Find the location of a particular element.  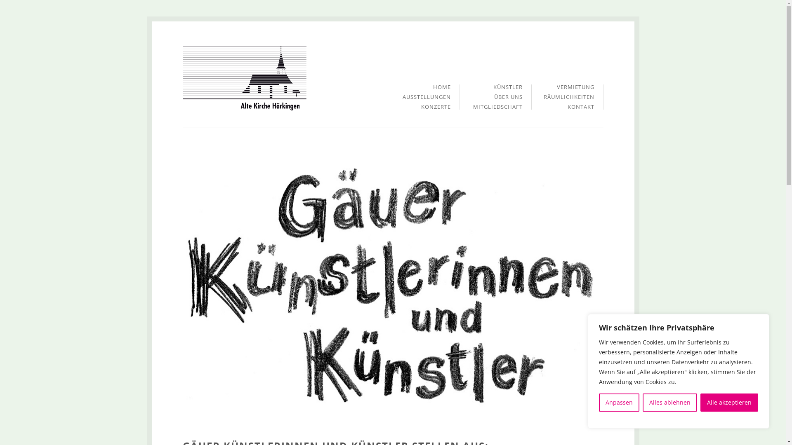

'AUSSTELLUNGEN' is located at coordinates (402, 98).